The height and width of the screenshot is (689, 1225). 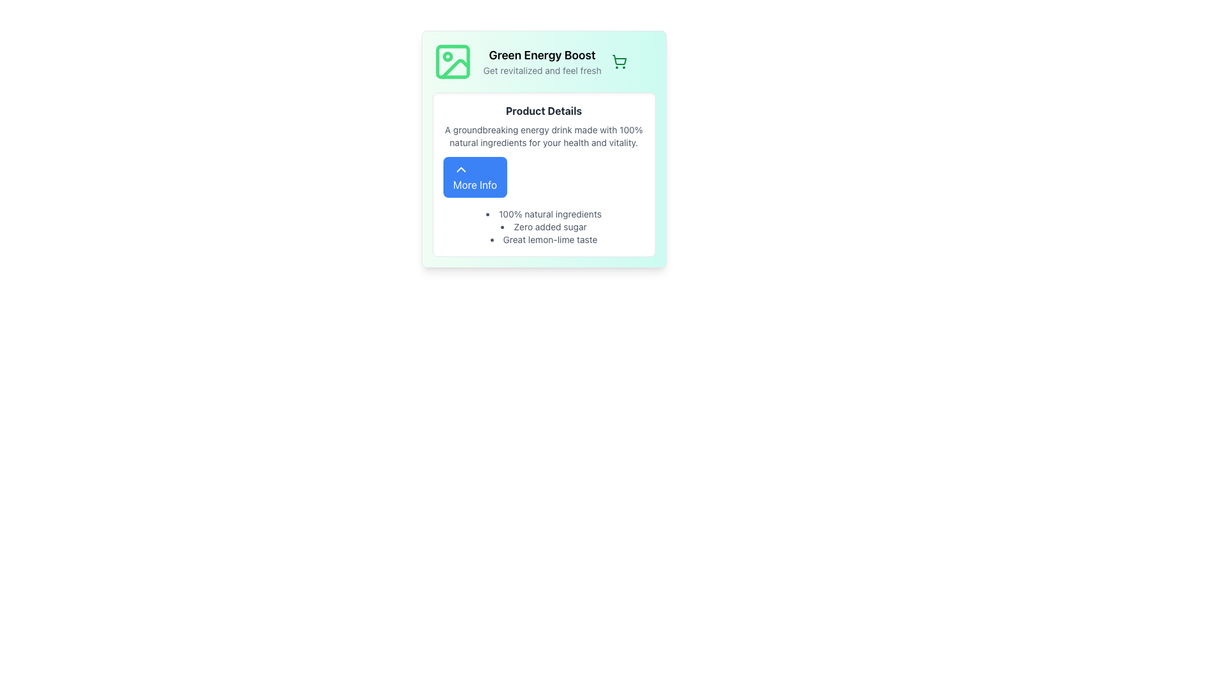 I want to click on the text element displaying '100% natural ingredients' in the 'Product Details' section of the interface, so click(x=544, y=213).